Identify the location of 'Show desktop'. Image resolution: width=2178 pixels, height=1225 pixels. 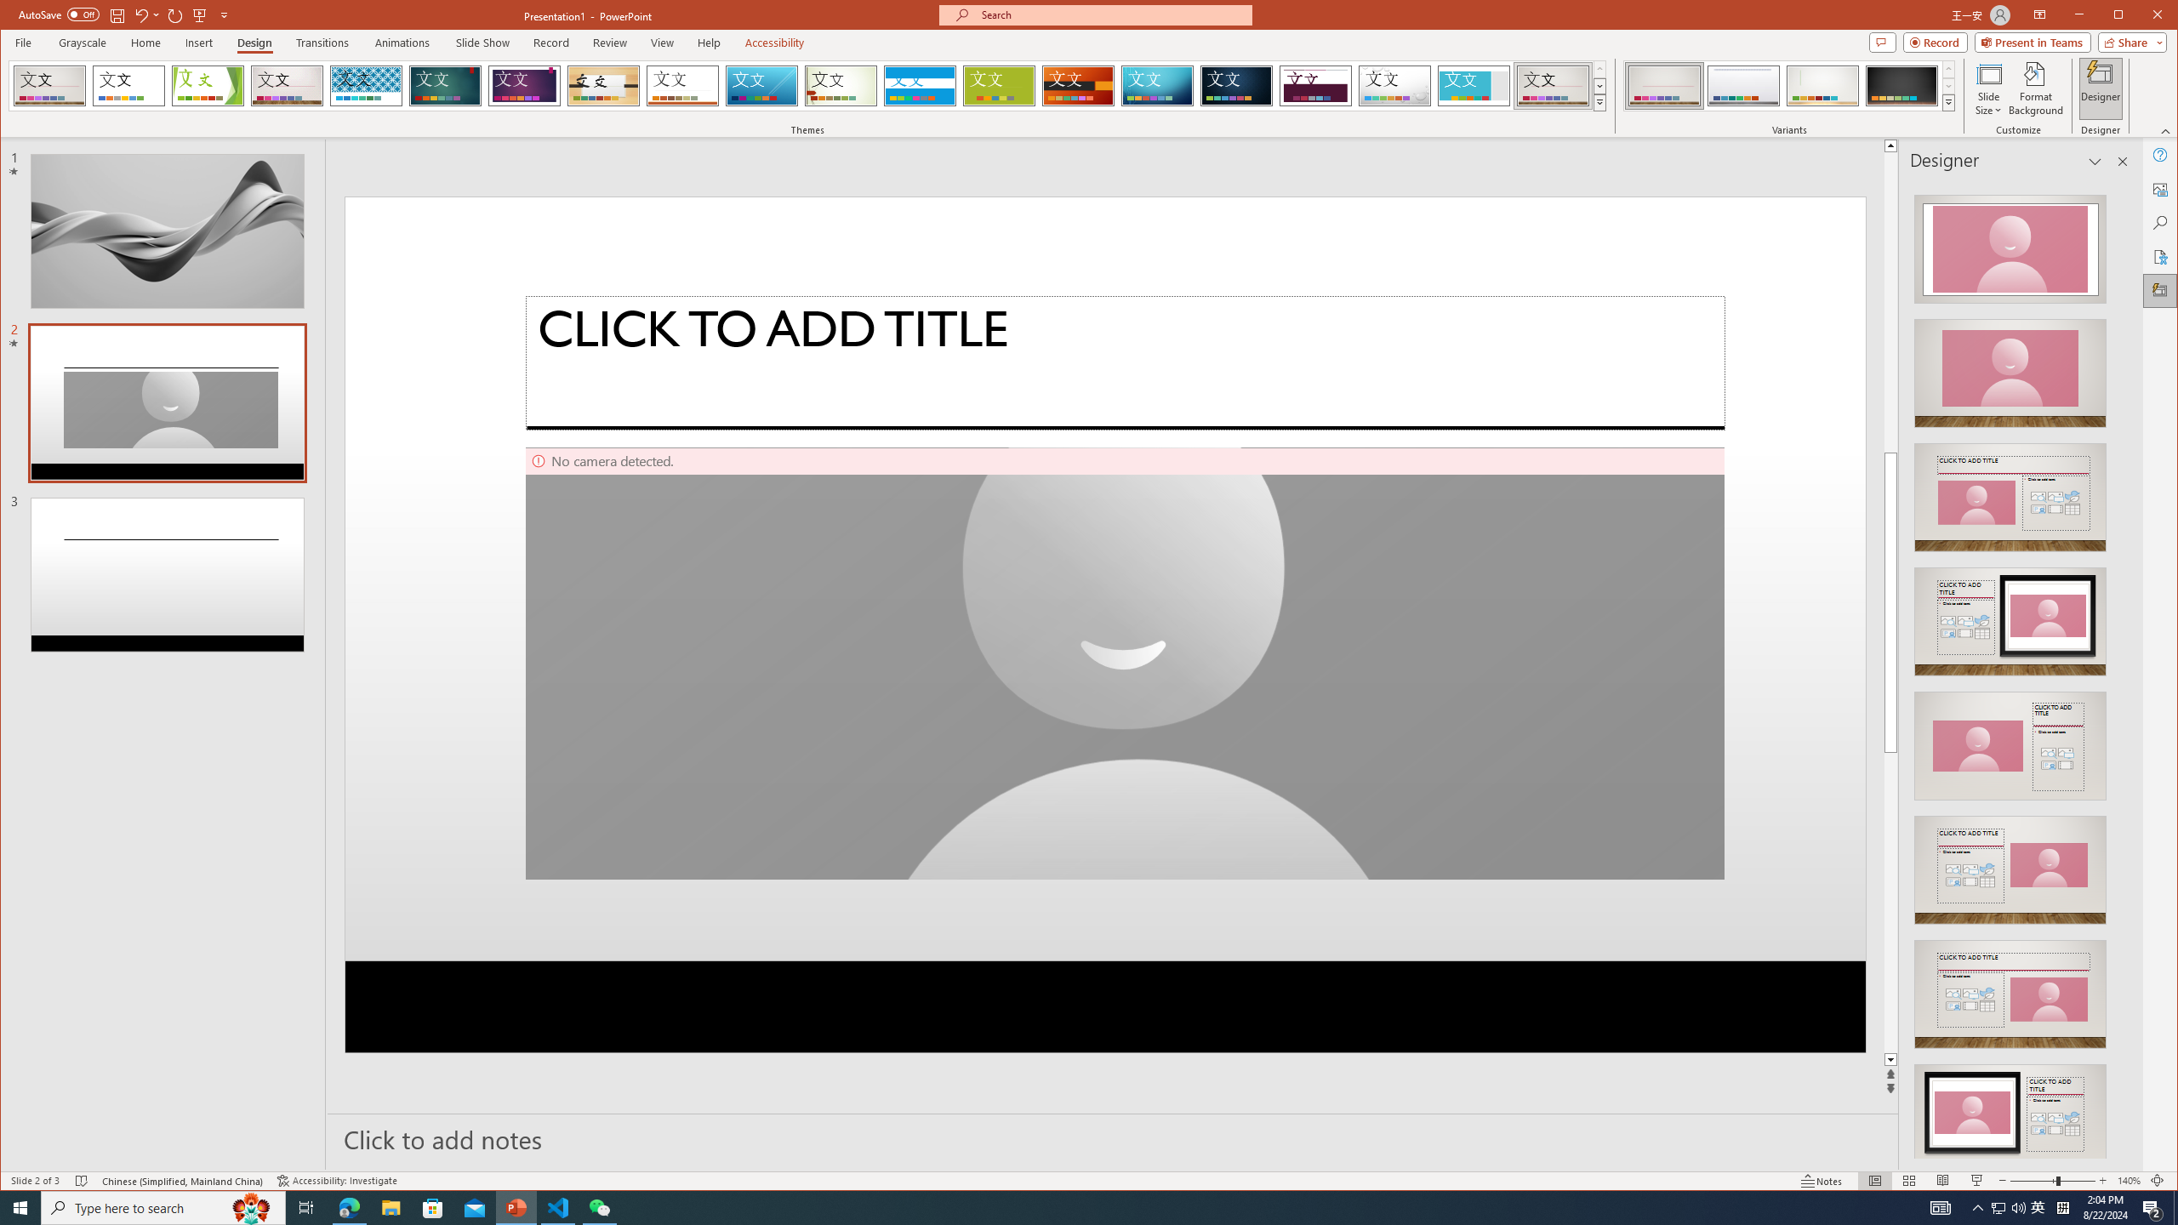
(2175, 1206).